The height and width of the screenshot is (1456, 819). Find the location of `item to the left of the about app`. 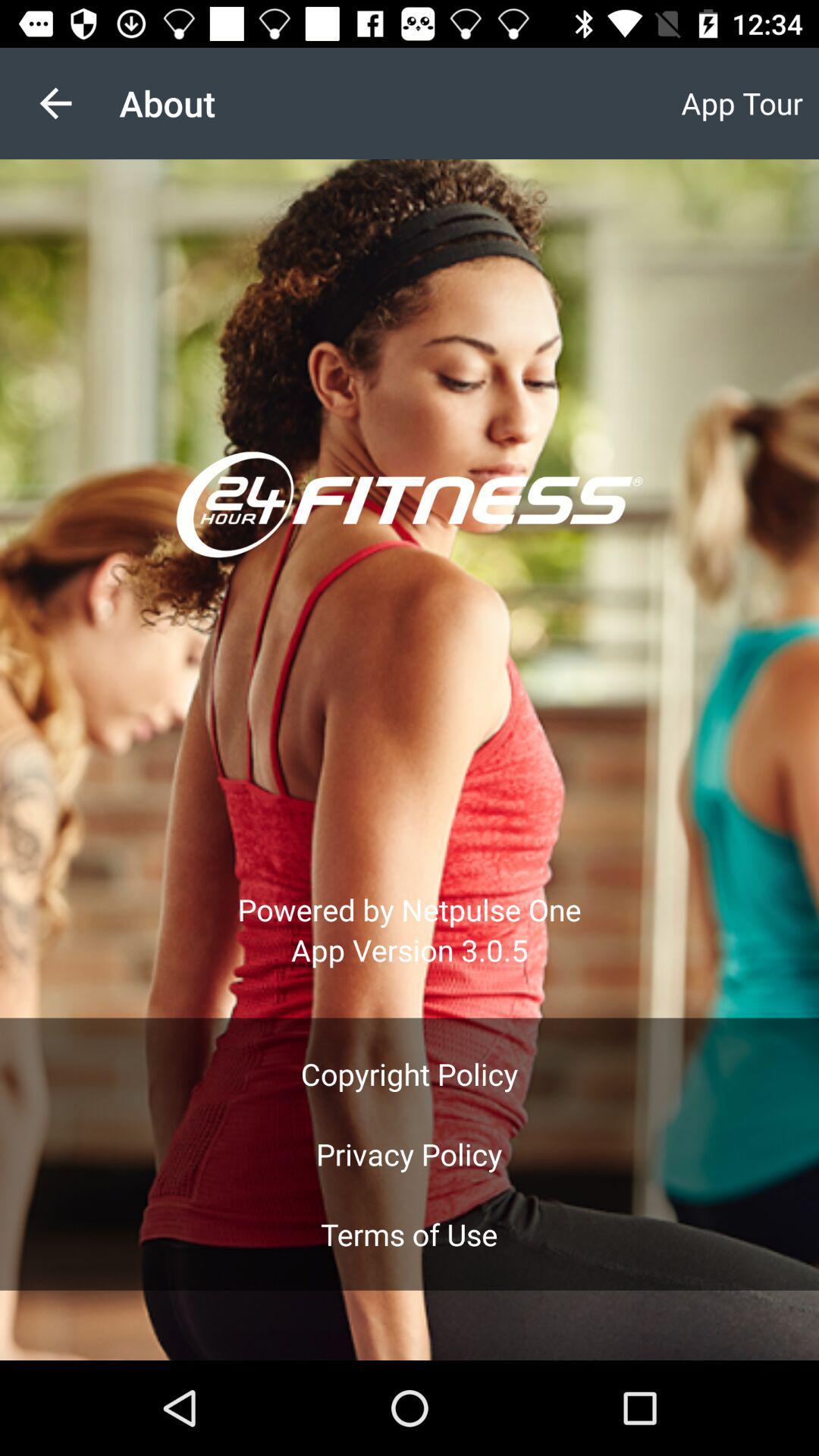

item to the left of the about app is located at coordinates (55, 102).